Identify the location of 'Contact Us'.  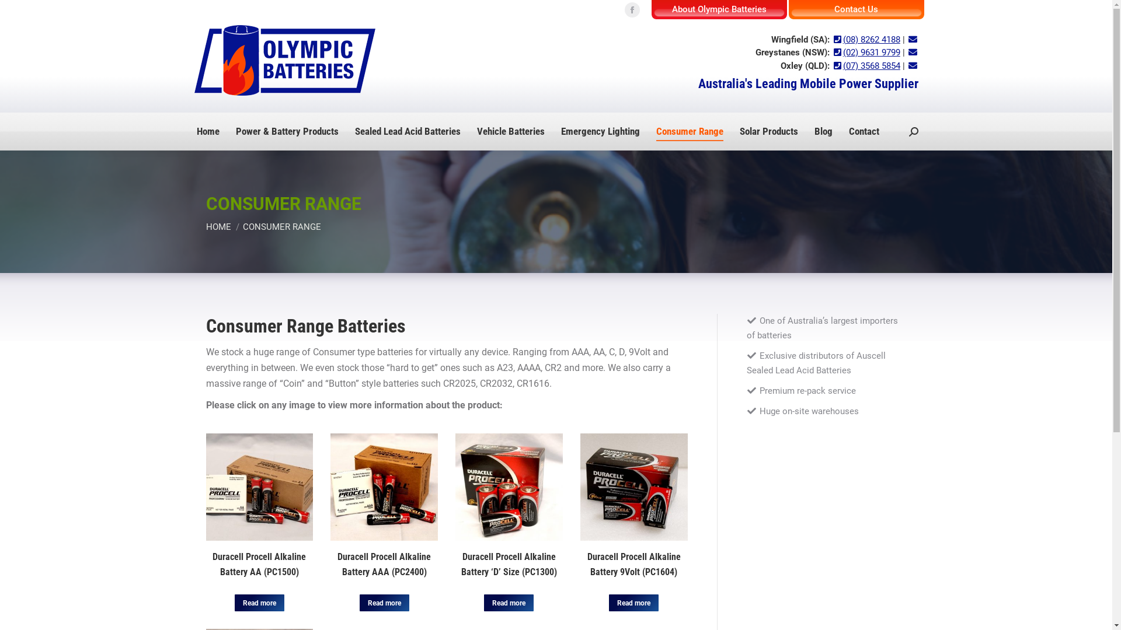
(855, 9).